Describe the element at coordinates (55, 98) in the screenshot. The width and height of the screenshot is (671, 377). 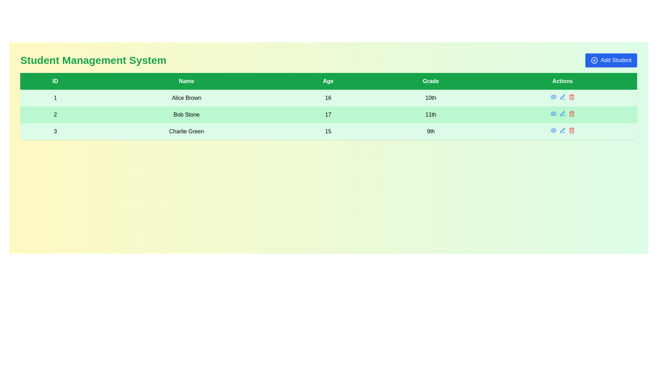
I see `the bold black number '1' in the first row, first column of the table under the 'ID' header` at that location.